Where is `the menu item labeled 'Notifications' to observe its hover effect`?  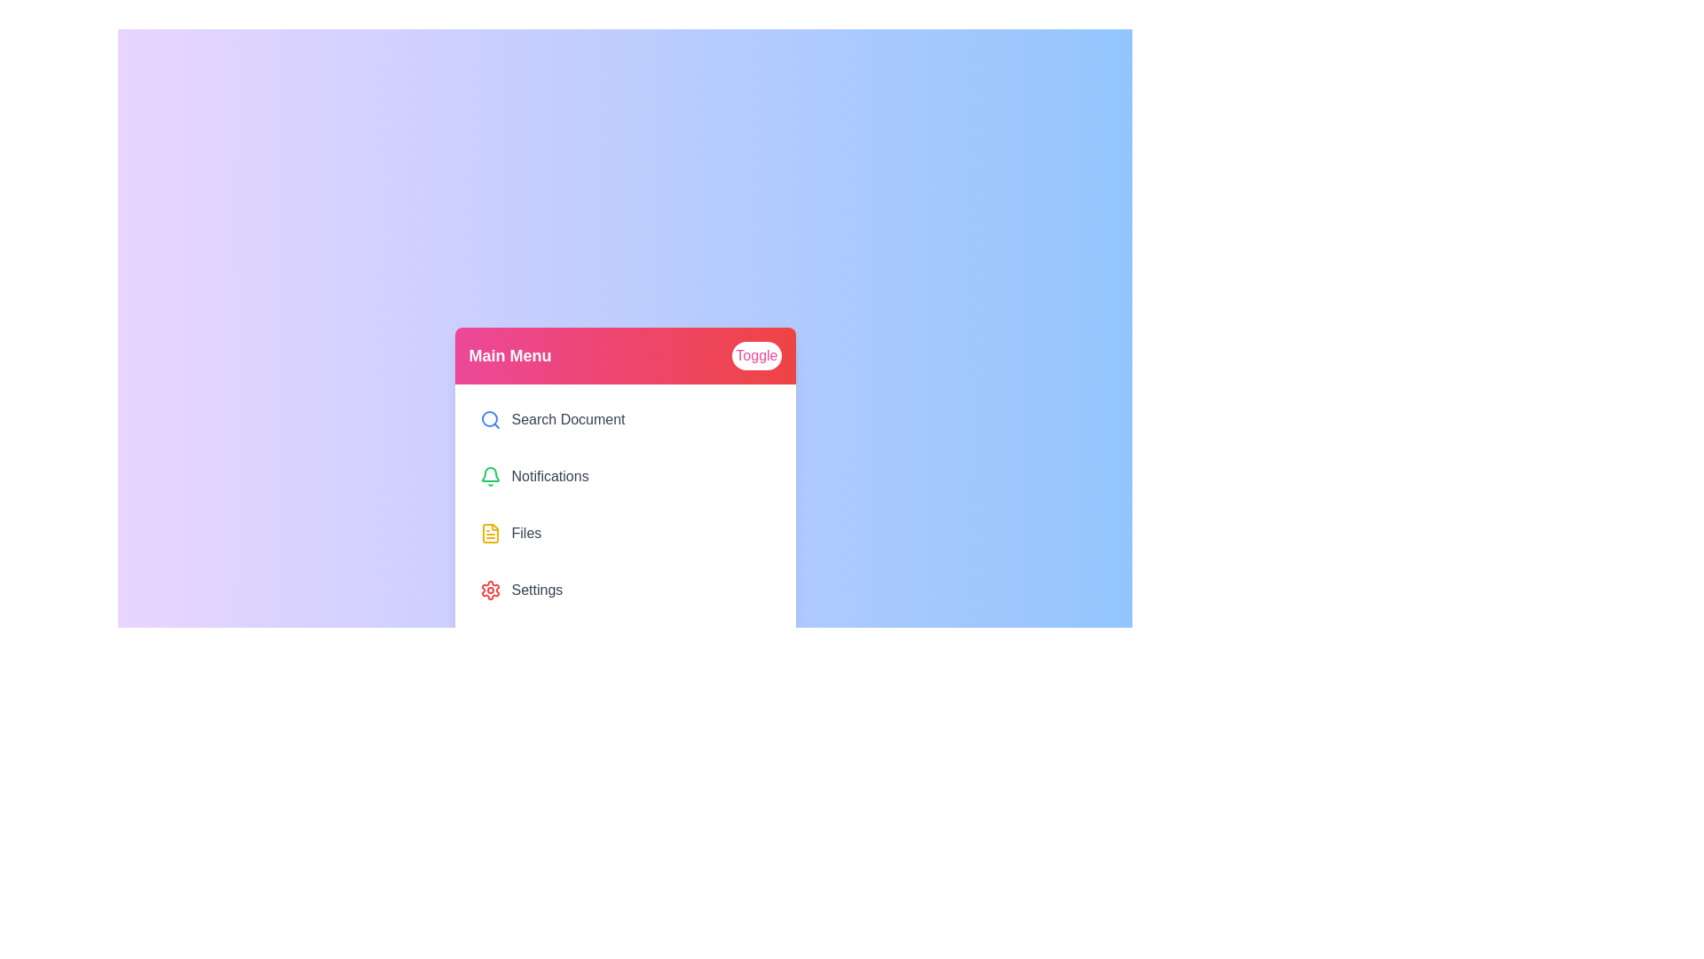
the menu item labeled 'Notifications' to observe its hover effect is located at coordinates (625, 475).